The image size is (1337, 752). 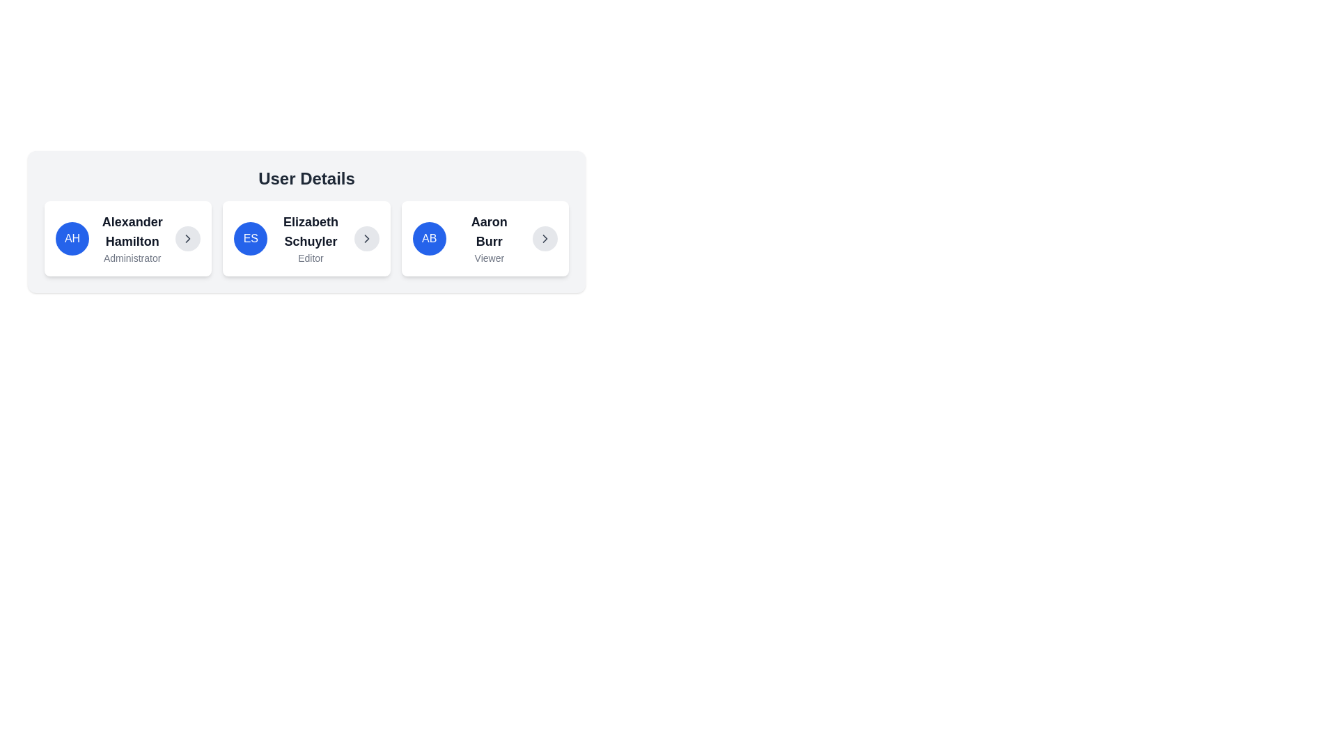 What do you see at coordinates (306, 238) in the screenshot?
I see `the second informational card featuring the avatar of Elizabeth Schuyler, which includes her name in bold and role as Editor` at bounding box center [306, 238].